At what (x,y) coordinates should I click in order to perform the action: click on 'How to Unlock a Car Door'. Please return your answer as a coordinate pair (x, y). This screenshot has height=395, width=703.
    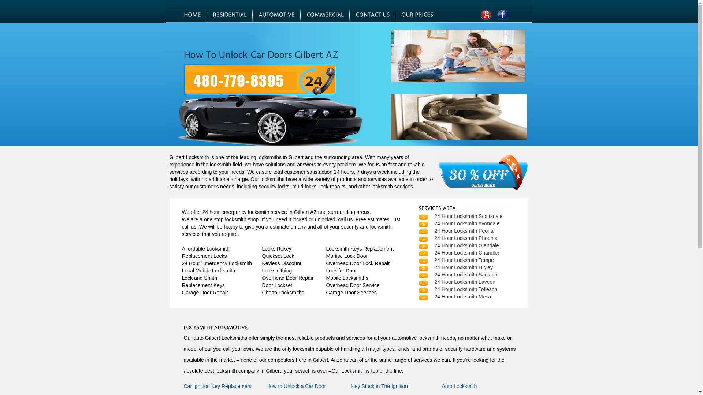
    Looking at the image, I should click on (296, 386).